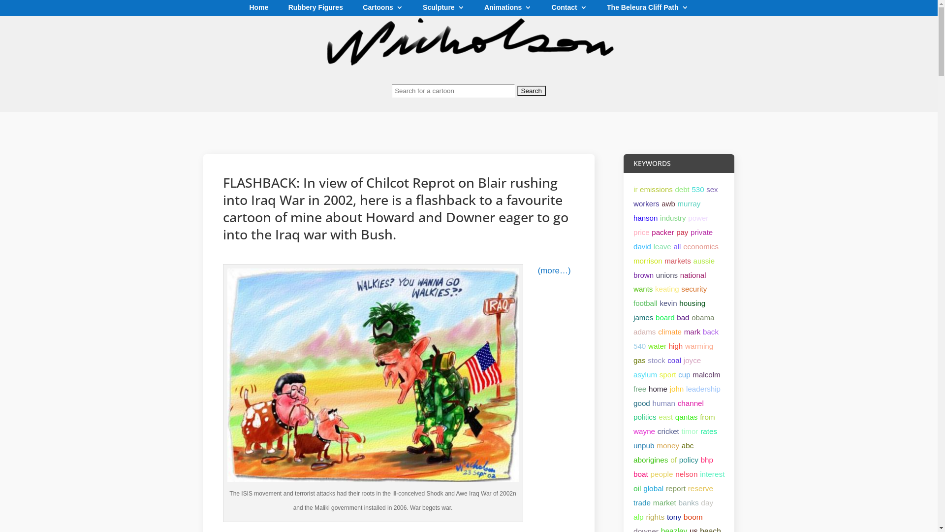 This screenshot has width=945, height=532. I want to click on 'industry', so click(672, 217).